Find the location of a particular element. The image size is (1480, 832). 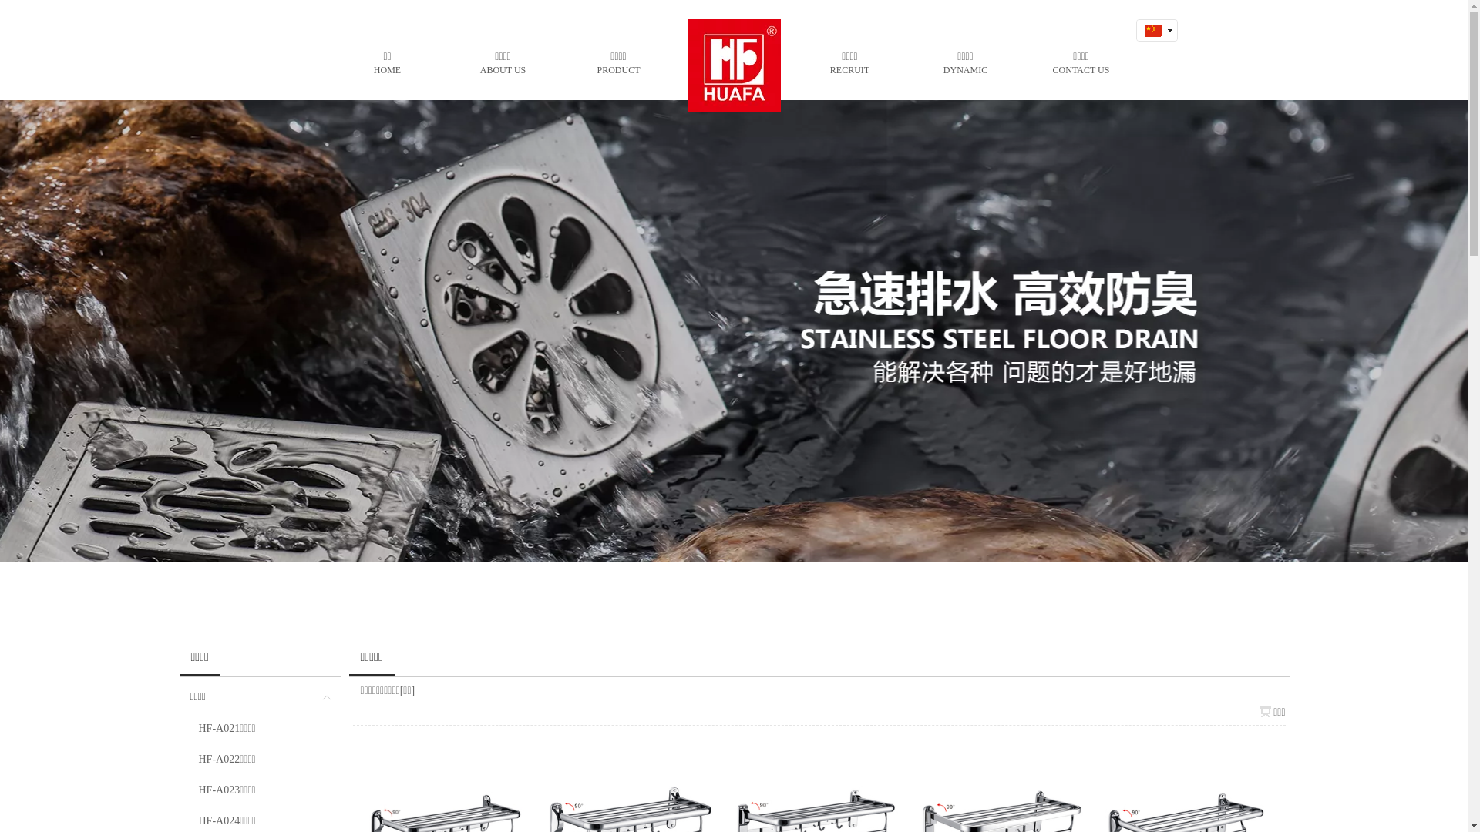

' ' is located at coordinates (1152, 50).